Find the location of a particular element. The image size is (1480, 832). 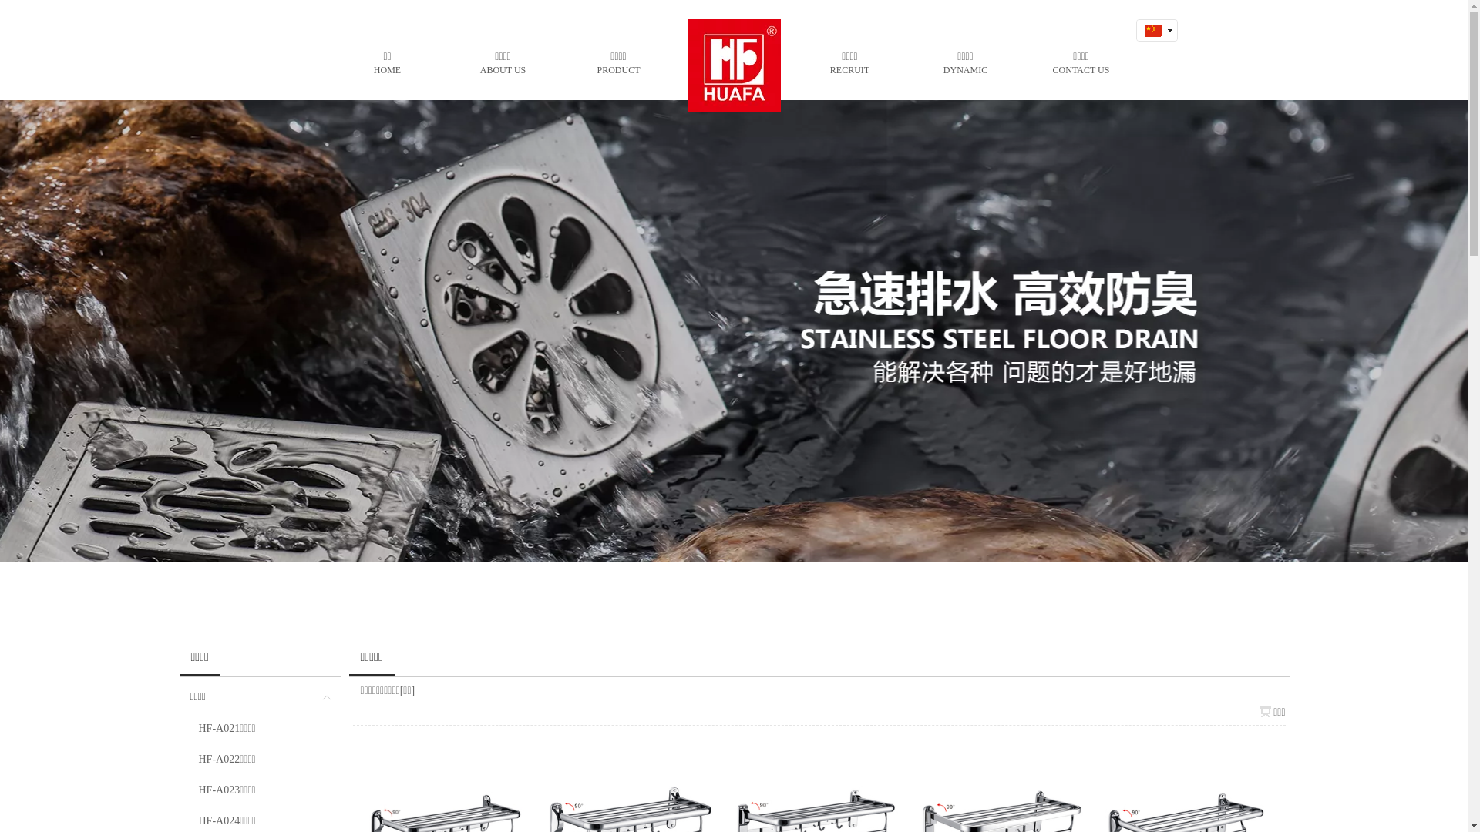

' ' is located at coordinates (1152, 50).